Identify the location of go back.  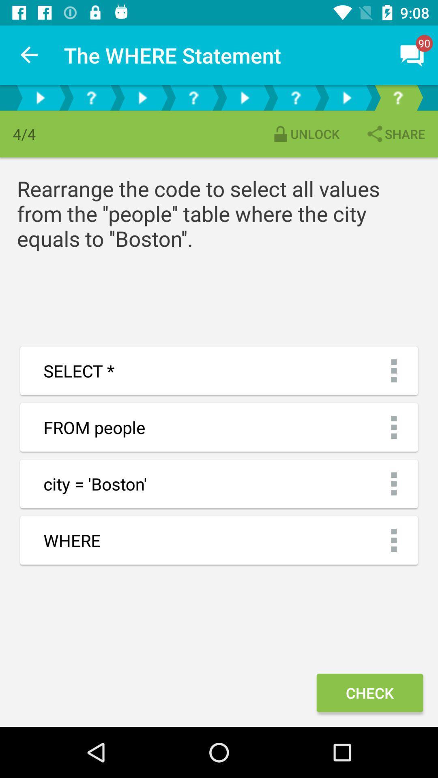
(347, 97).